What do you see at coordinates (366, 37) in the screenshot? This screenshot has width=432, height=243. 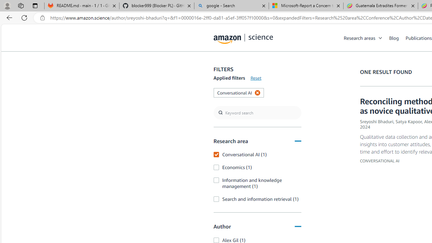 I see `'Research areas'` at bounding box center [366, 37].